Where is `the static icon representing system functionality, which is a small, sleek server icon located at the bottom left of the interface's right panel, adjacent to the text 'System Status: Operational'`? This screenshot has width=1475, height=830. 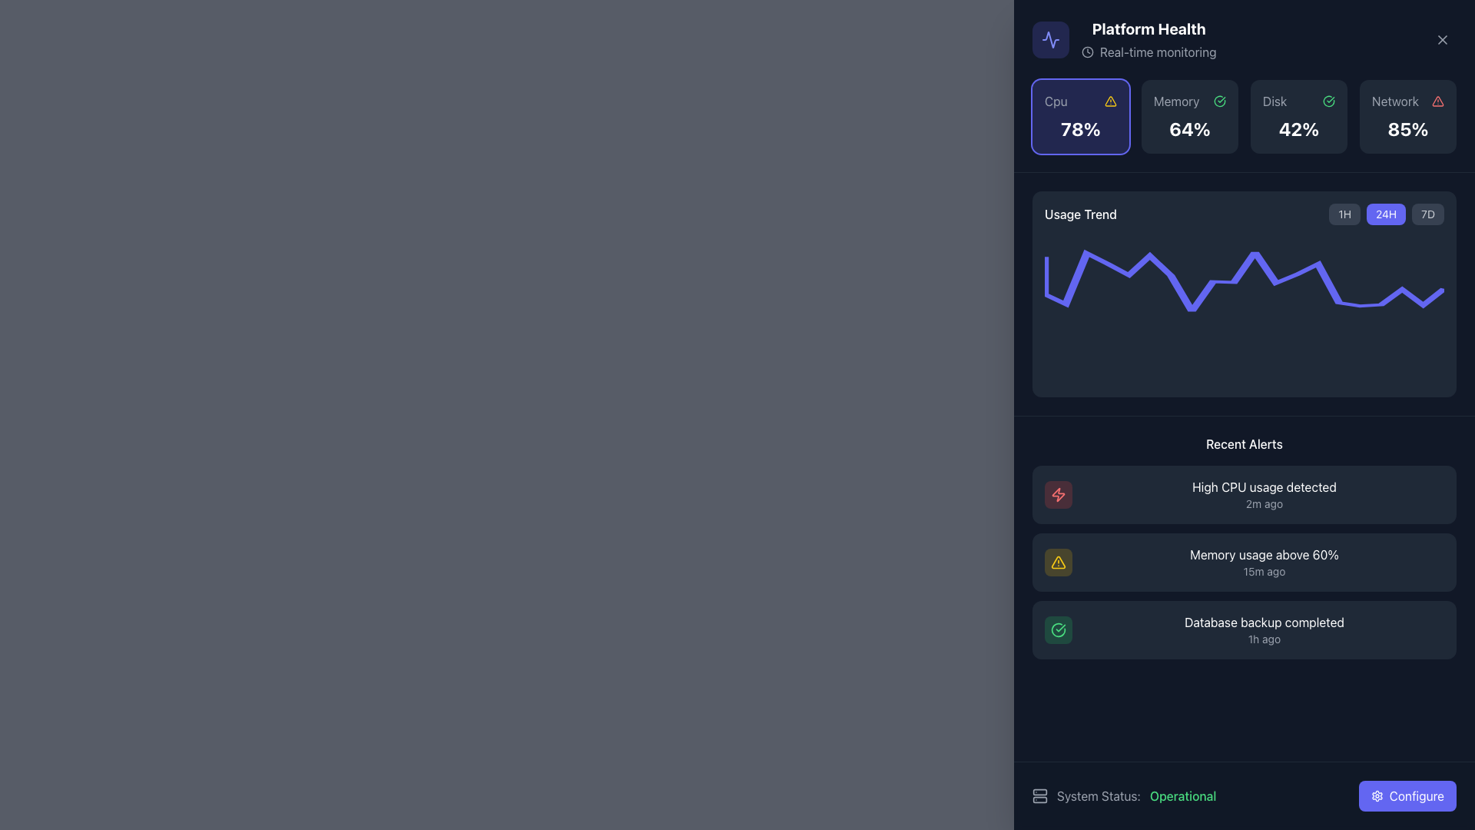 the static icon representing system functionality, which is a small, sleek server icon located at the bottom left of the interface's right panel, adjacent to the text 'System Status: Operational' is located at coordinates (1039, 795).